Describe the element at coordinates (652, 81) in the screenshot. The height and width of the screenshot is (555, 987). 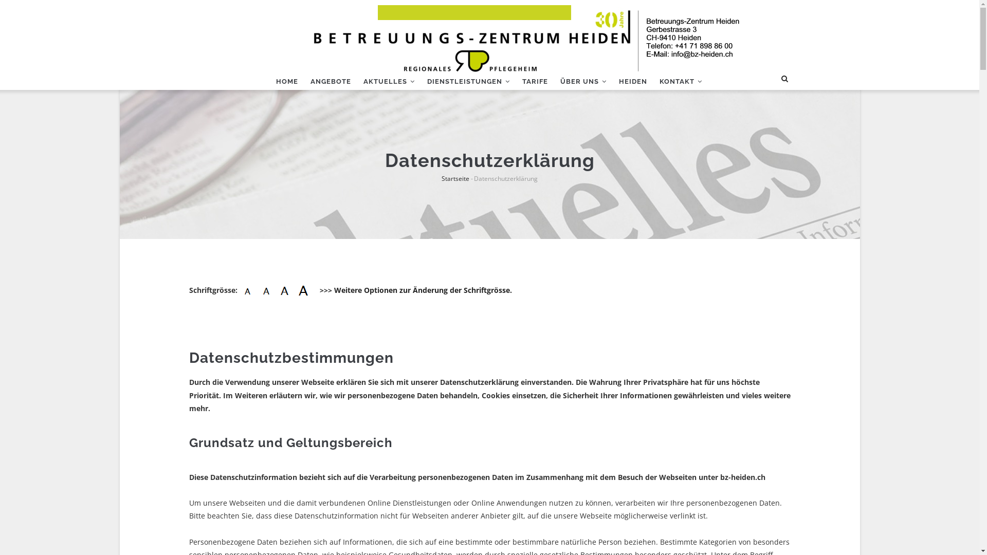
I see `'KONTAKT'` at that location.